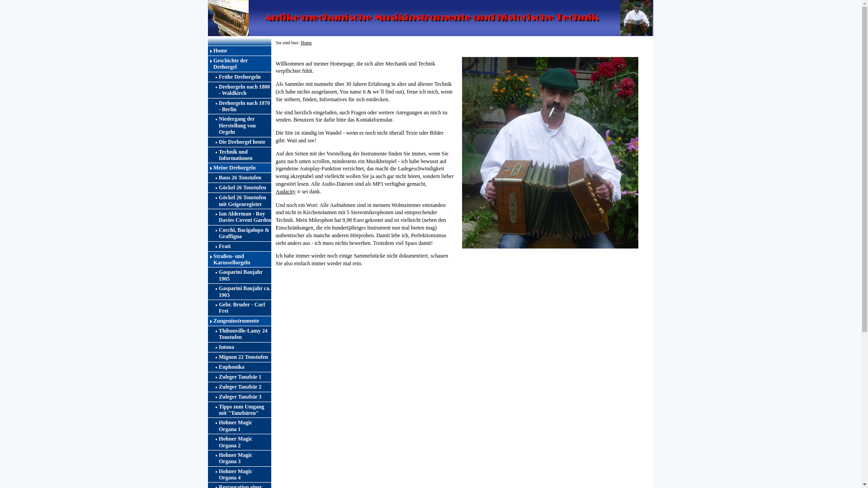  I want to click on 'Euphonika', so click(239, 367).